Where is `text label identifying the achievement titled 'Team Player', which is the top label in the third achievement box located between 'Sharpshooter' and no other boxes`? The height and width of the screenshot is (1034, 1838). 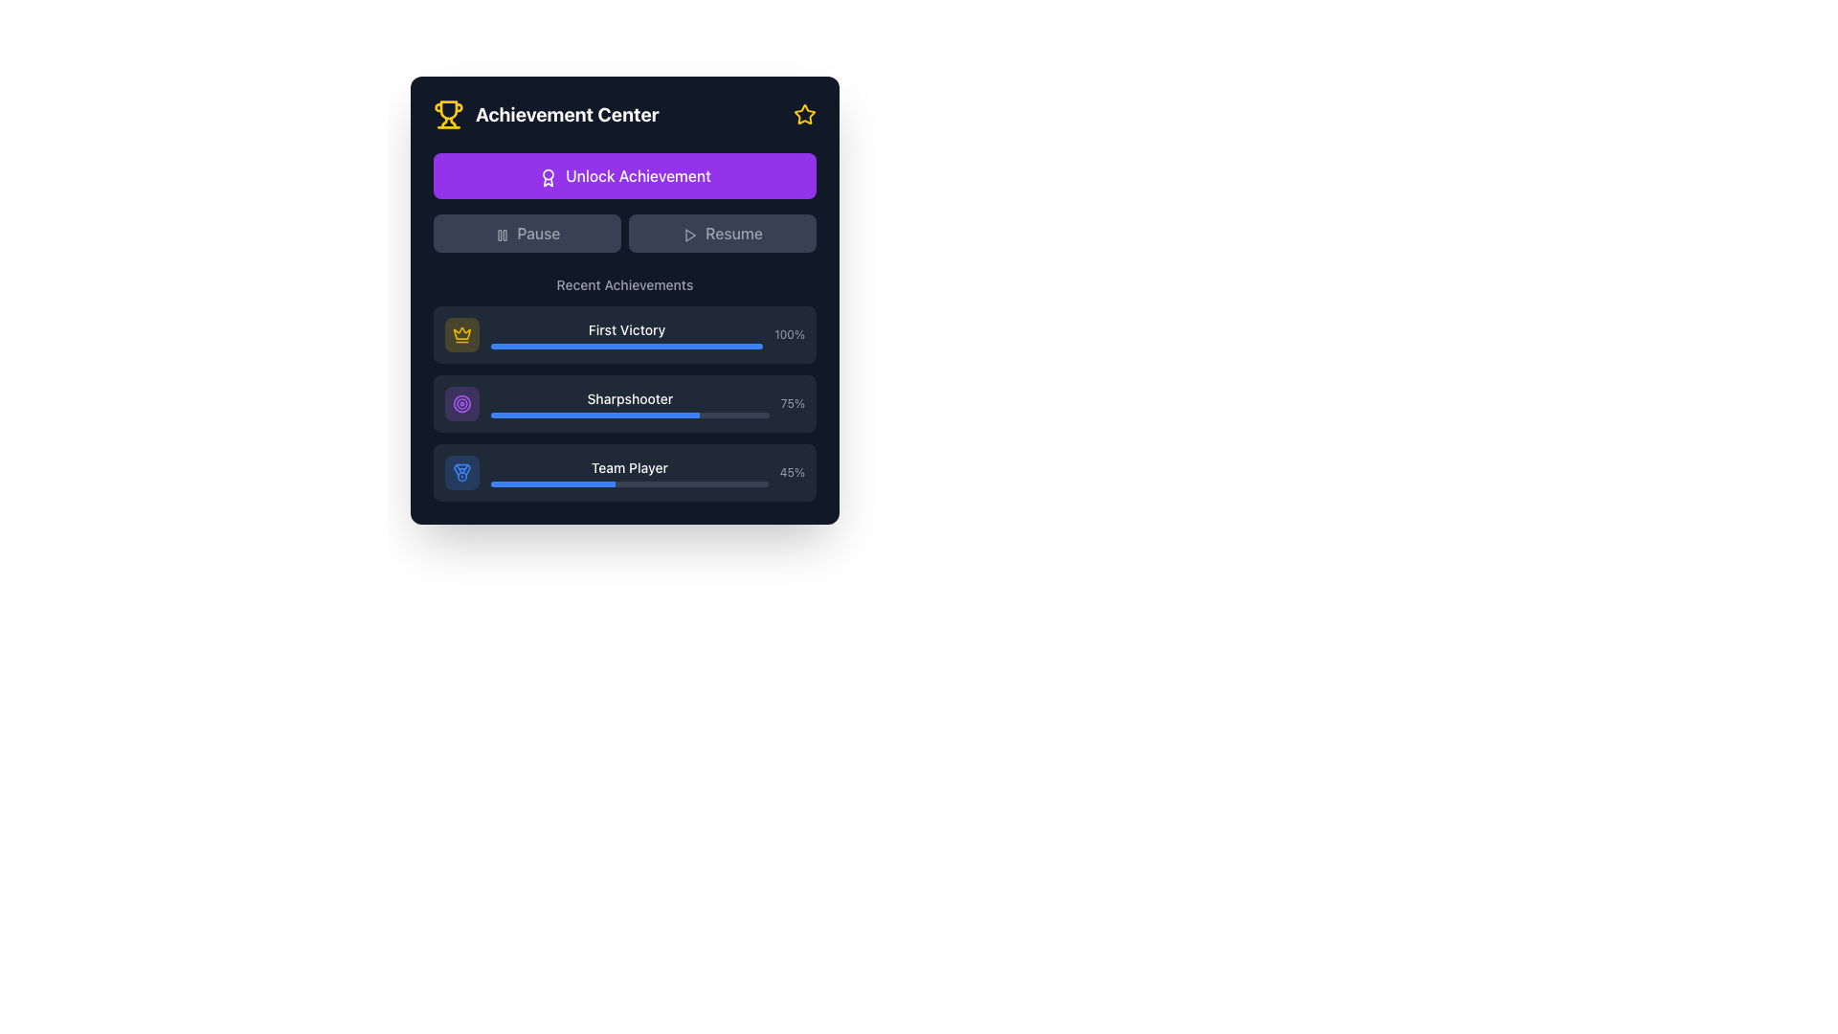
text label identifying the achievement titled 'Team Player', which is the top label in the third achievement box located between 'Sharpshooter' and no other boxes is located at coordinates (629, 472).